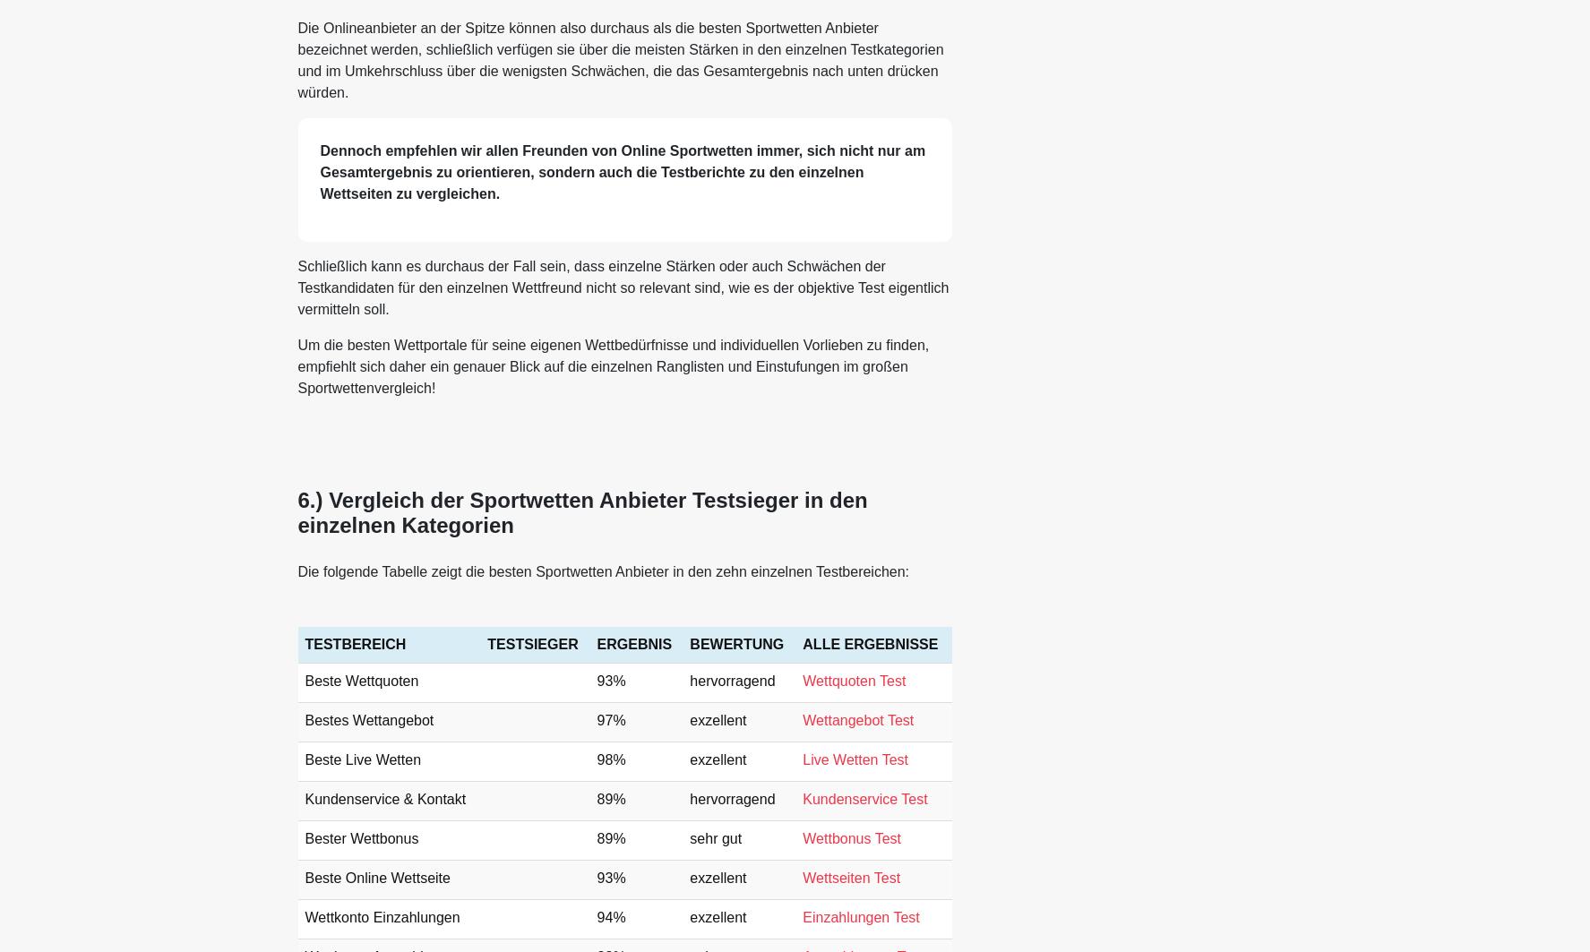 Image resolution: width=1590 pixels, height=952 pixels. Describe the element at coordinates (864, 798) in the screenshot. I see `'Kundenservice Test'` at that location.